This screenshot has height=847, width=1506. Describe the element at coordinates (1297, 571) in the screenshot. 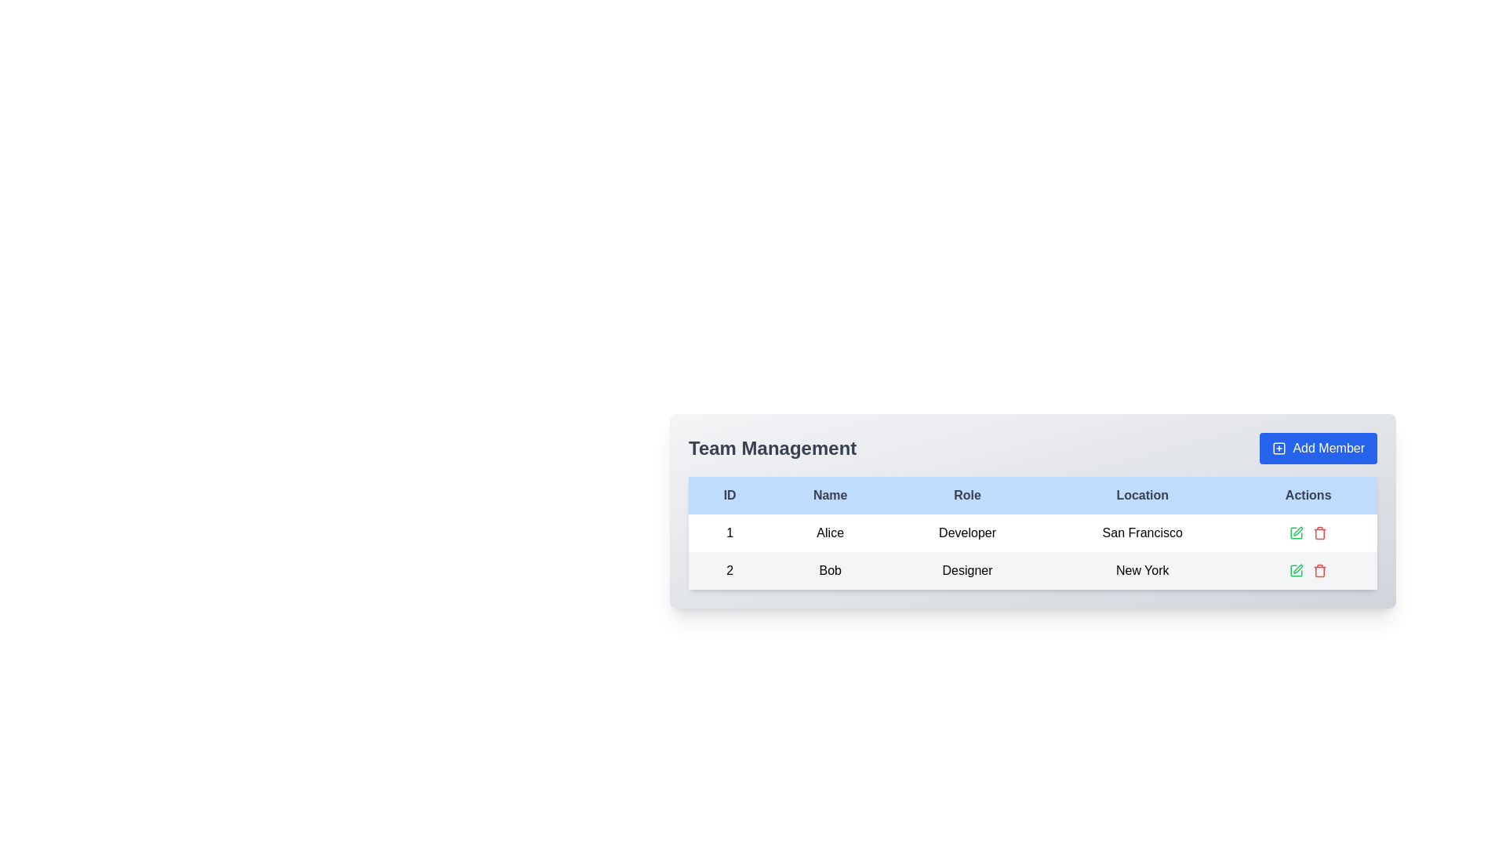

I see `the 'Edit' icon represented by a green pencil in the Actions column of the second row to invoke the editing process` at that location.